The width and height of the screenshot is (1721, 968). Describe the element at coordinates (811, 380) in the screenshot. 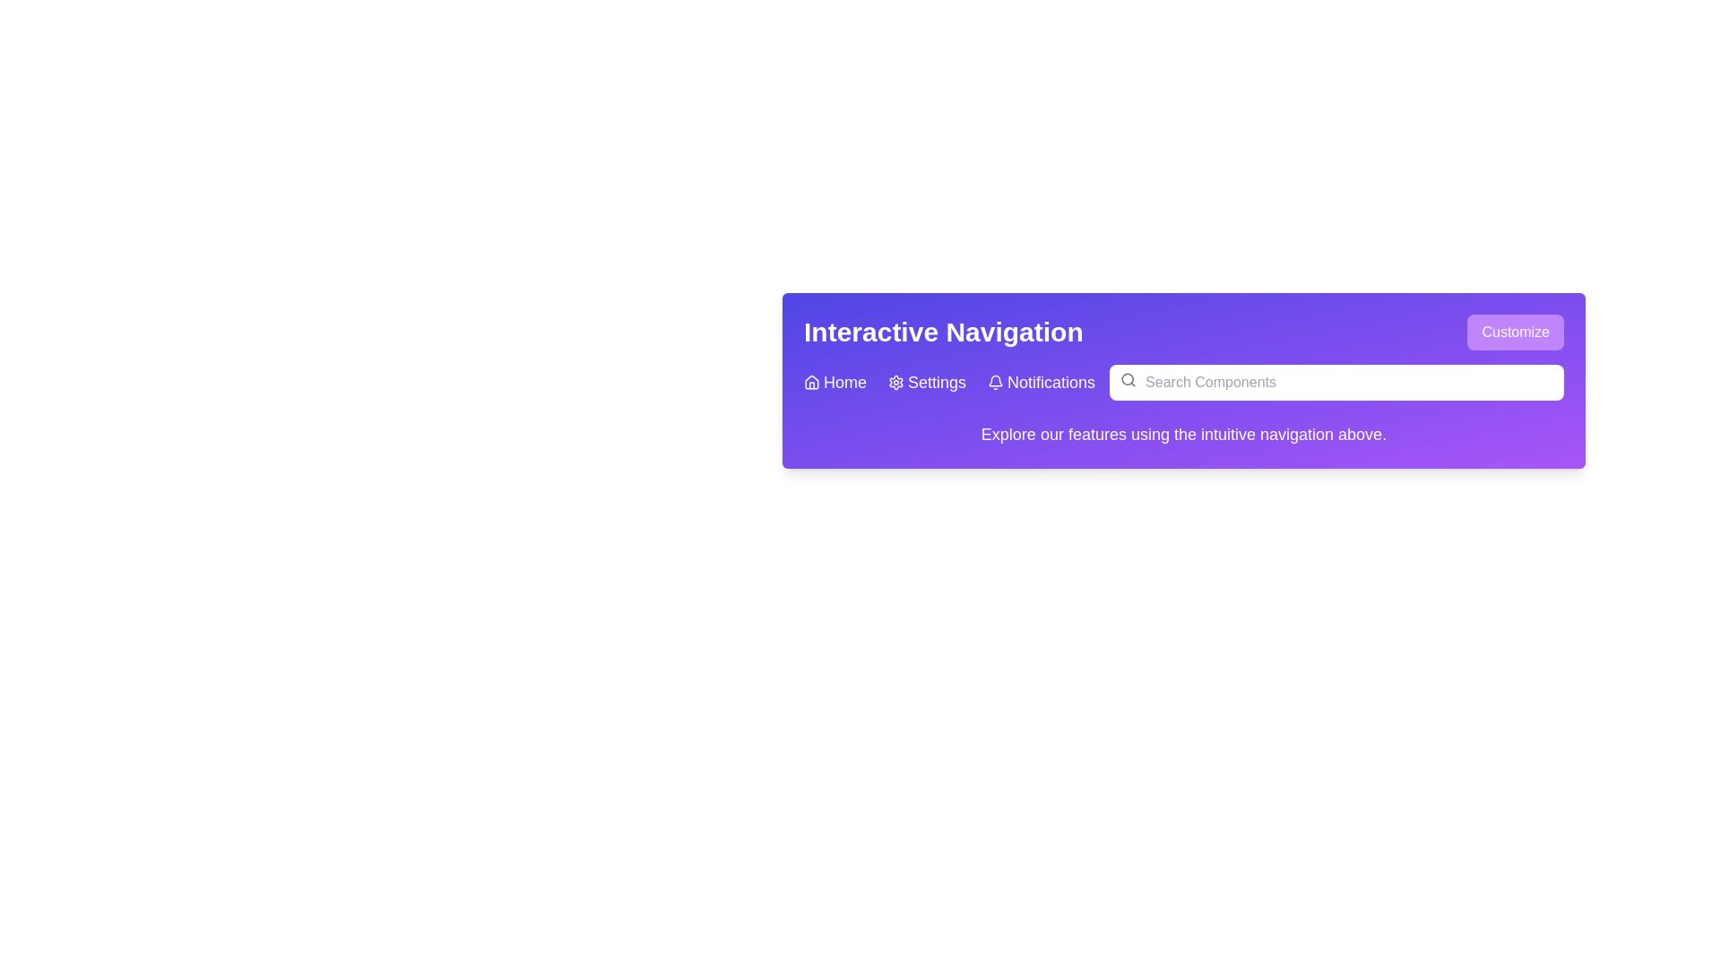

I see `the home icon located on the left side of the navigation bar to observe the tooltip if provided` at that location.